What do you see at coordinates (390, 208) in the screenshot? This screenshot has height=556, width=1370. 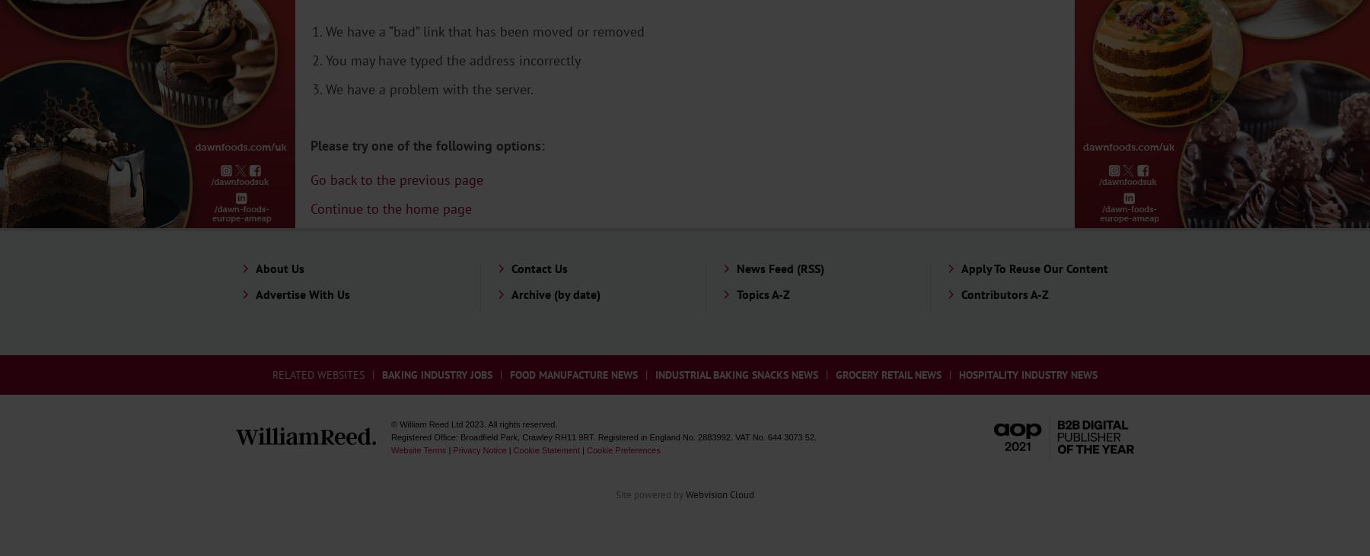 I see `'Continue to the home page'` at bounding box center [390, 208].